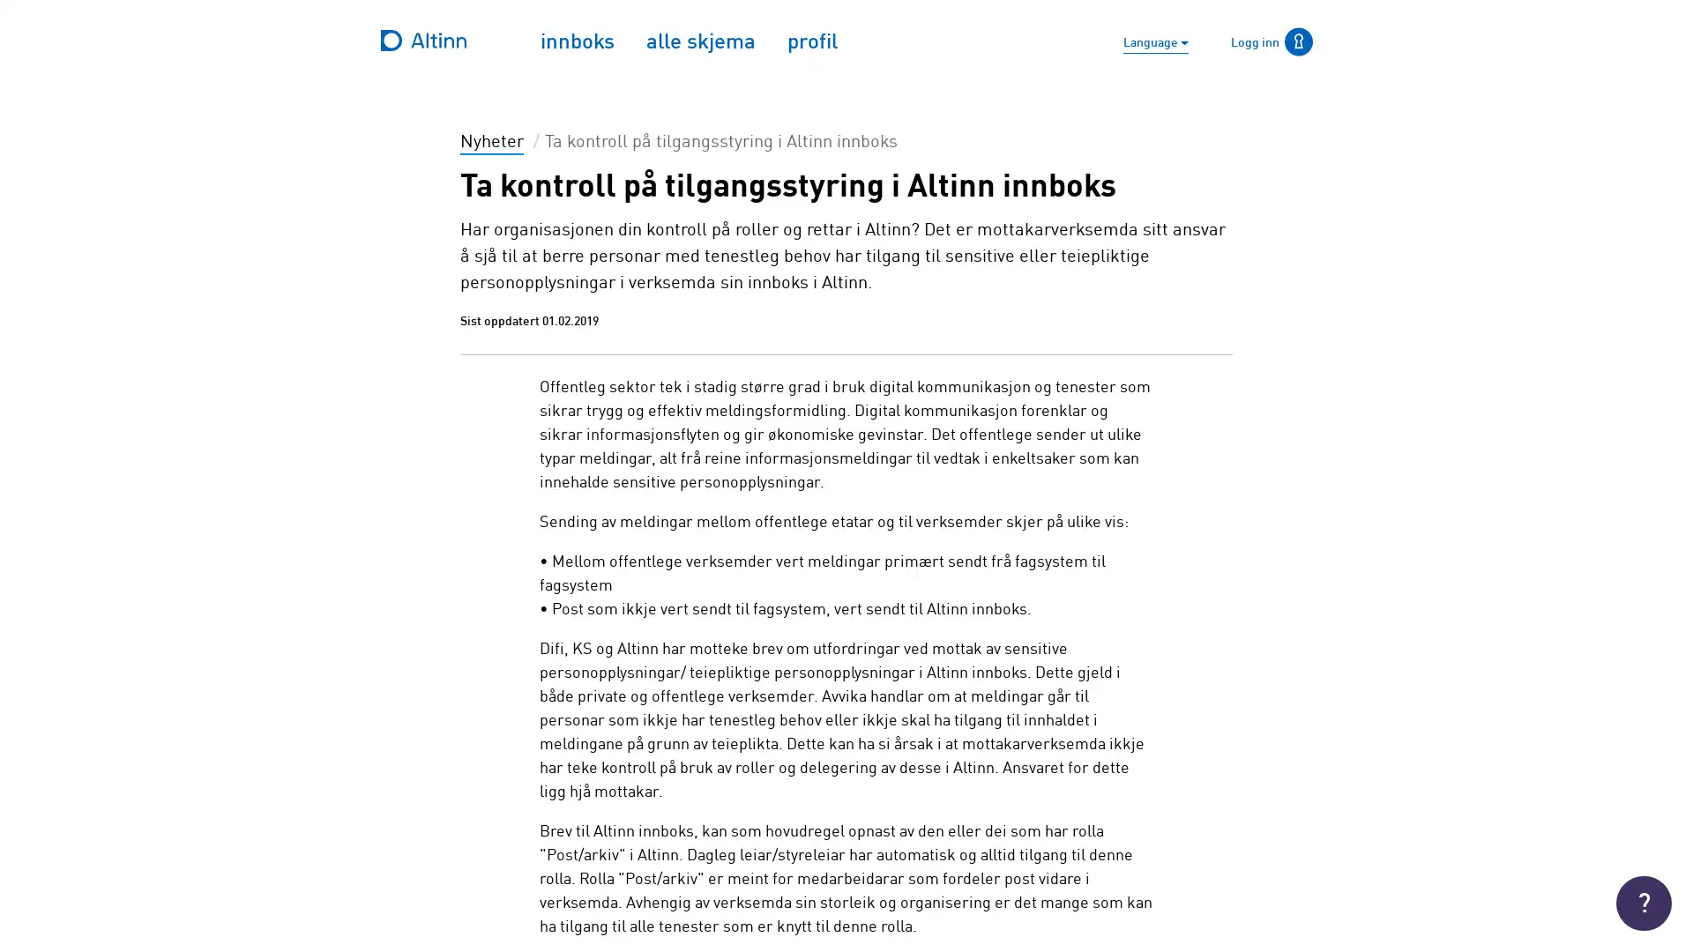 This screenshot has height=952, width=1693. What do you see at coordinates (1643, 904) in the screenshot?
I see `Trenger du hjelp ?` at bounding box center [1643, 904].